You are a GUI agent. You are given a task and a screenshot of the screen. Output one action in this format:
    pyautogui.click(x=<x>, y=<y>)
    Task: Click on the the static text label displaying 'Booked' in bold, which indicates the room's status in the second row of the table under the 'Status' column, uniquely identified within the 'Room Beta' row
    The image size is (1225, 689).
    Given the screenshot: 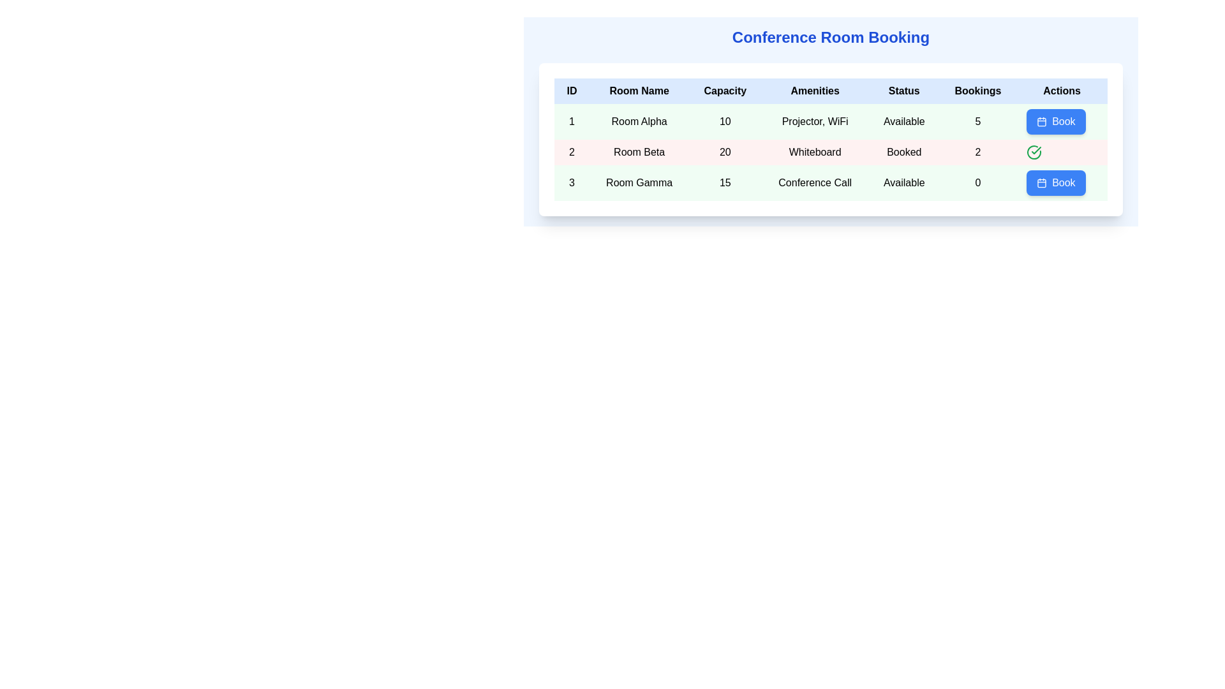 What is the action you would take?
    pyautogui.click(x=903, y=152)
    